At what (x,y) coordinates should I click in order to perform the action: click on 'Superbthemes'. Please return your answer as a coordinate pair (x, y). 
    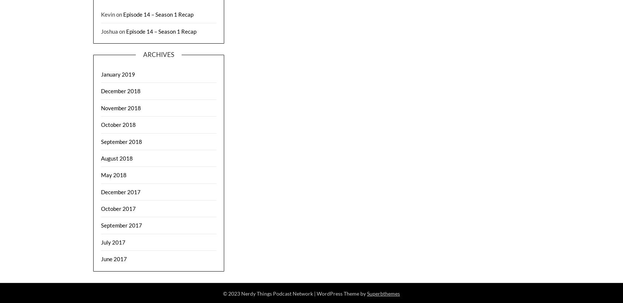
    Looking at the image, I should click on (367, 293).